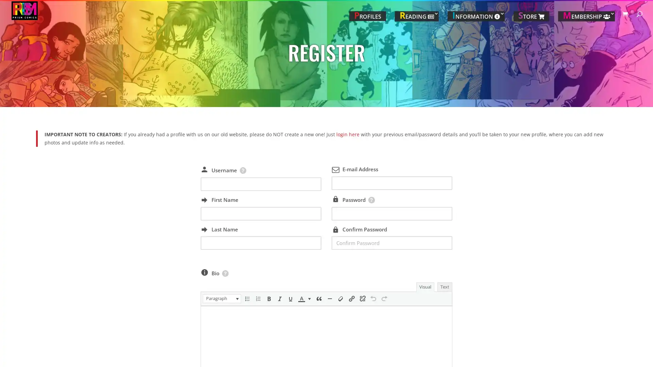  I want to click on Text, so click(444, 287).